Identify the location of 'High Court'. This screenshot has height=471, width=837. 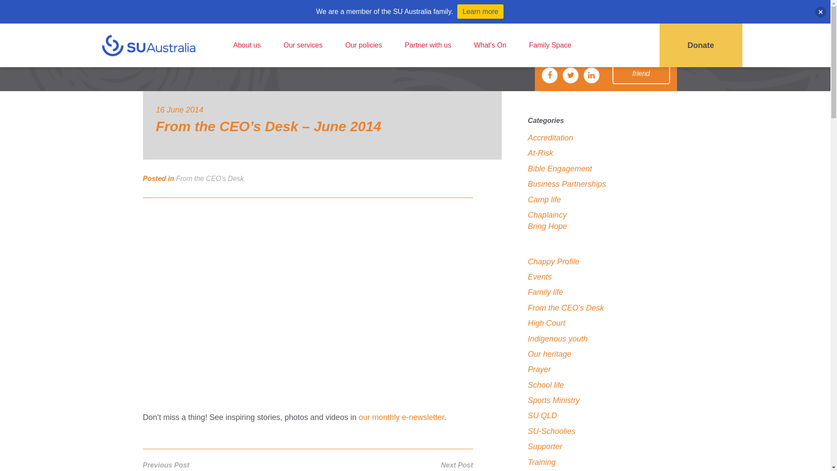
(546, 323).